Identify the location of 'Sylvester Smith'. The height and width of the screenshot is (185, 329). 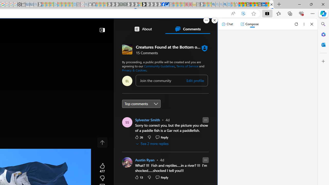
(147, 120).